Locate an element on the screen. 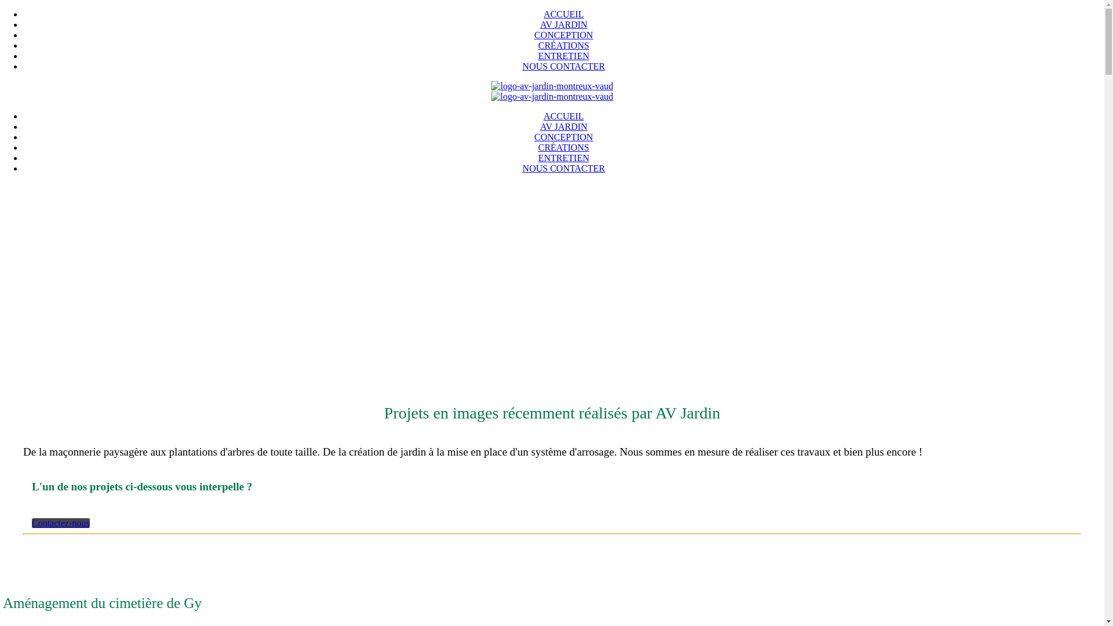  'ACCUEIL' is located at coordinates (563, 14).